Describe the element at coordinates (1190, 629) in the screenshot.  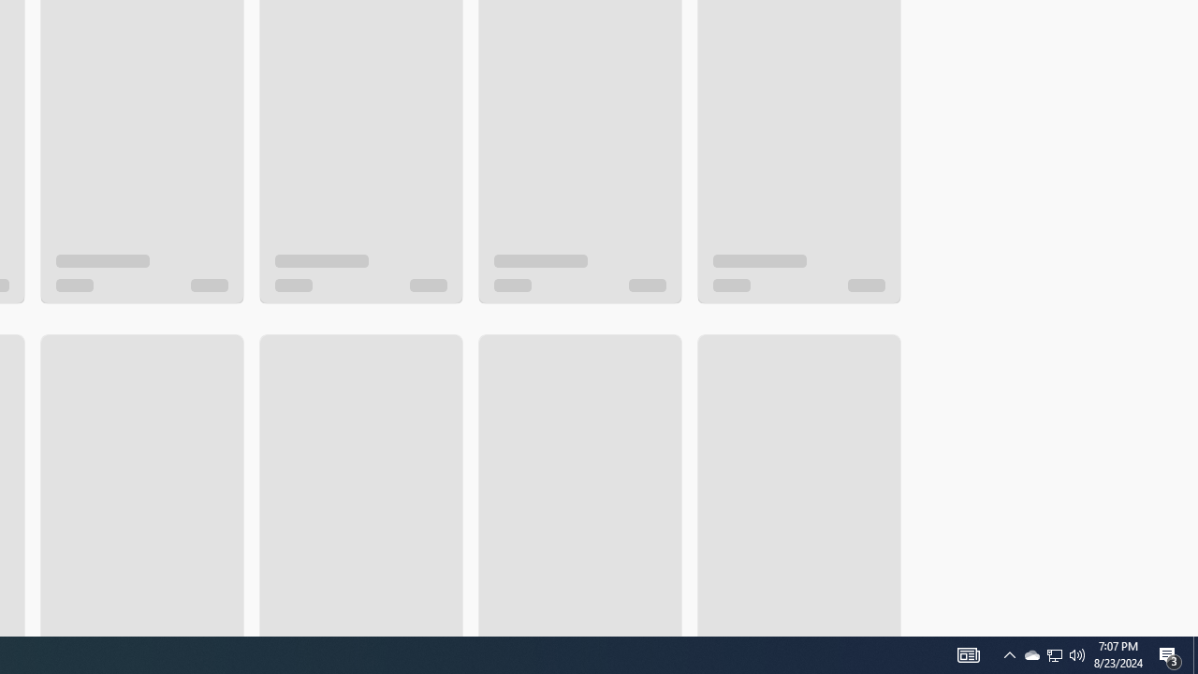
I see `'Vertical Small Increase'` at that location.